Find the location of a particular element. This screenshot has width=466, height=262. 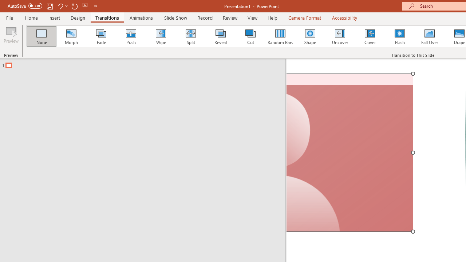

'Wipe' is located at coordinates (160, 36).